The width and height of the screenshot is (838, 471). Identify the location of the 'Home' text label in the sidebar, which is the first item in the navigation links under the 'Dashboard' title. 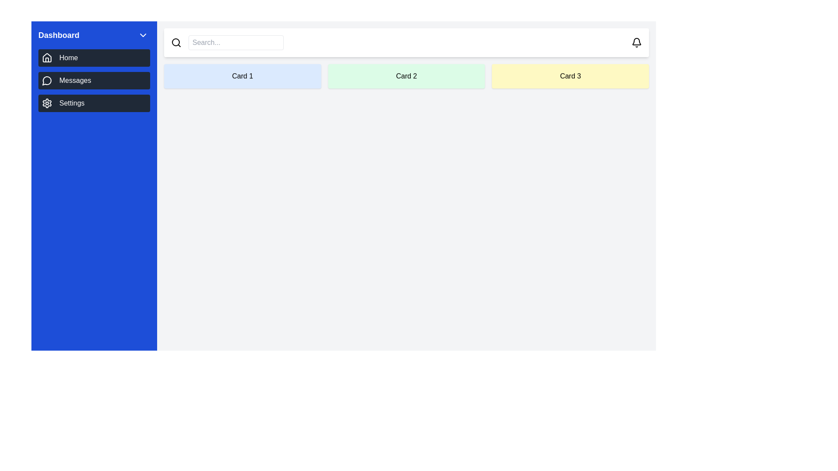
(68, 58).